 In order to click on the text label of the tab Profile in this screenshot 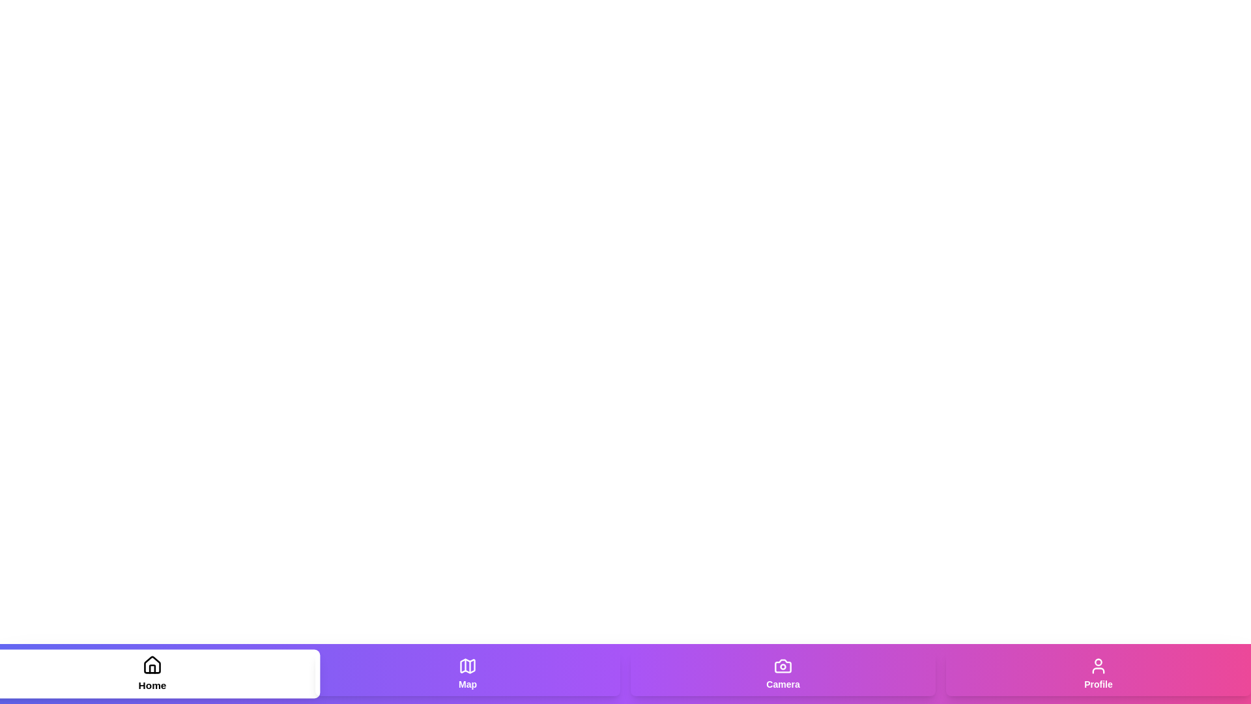, I will do `click(1097, 683)`.